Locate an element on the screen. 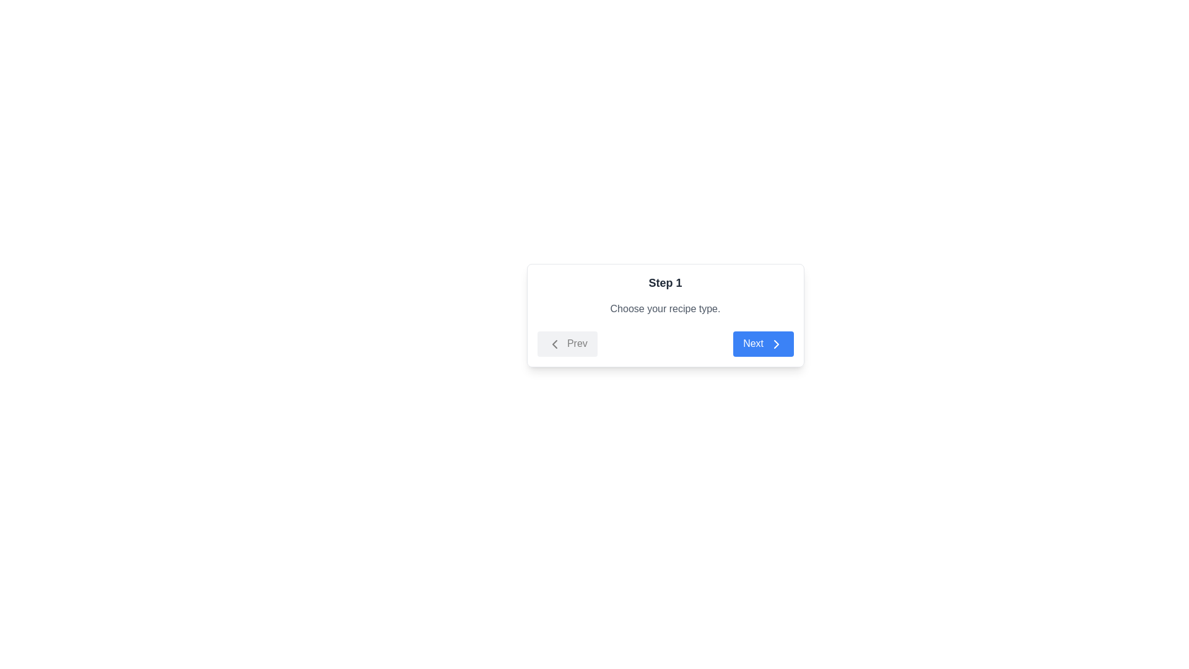  the right-pointing chevron icon inside the blue 'Next' button is located at coordinates (775, 344).